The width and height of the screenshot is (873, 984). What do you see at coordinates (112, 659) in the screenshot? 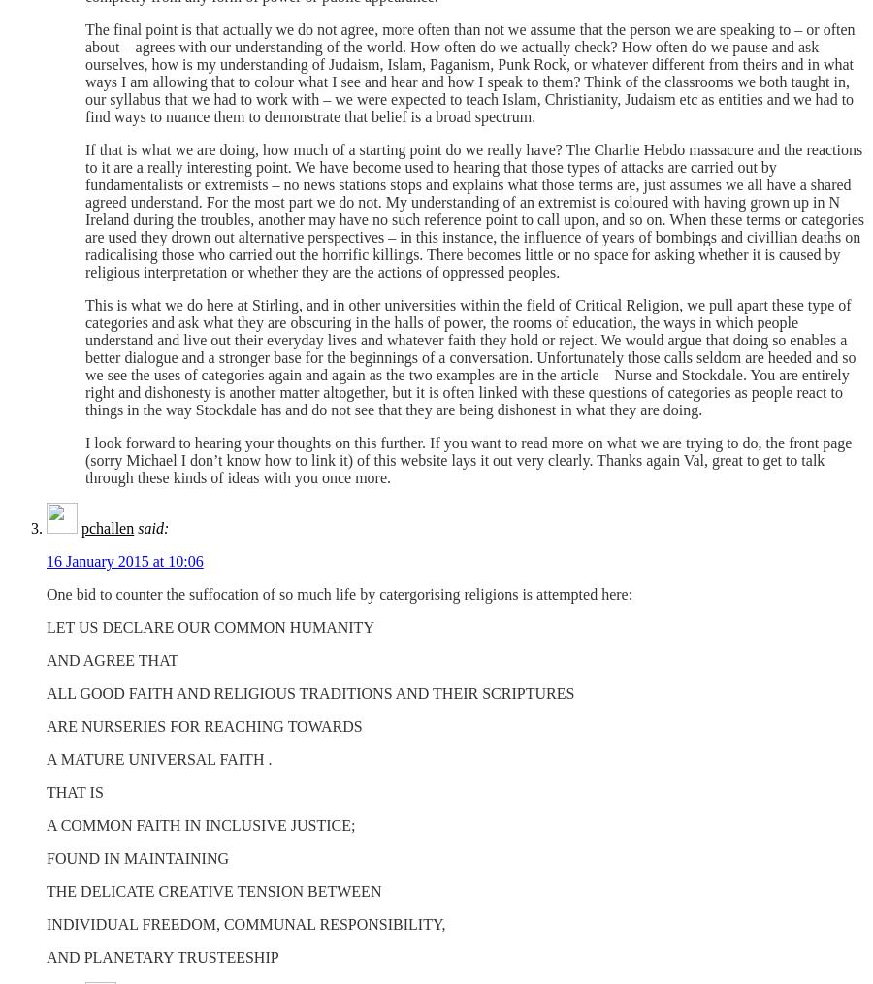
I see `'AND AGREE THAT'` at bounding box center [112, 659].